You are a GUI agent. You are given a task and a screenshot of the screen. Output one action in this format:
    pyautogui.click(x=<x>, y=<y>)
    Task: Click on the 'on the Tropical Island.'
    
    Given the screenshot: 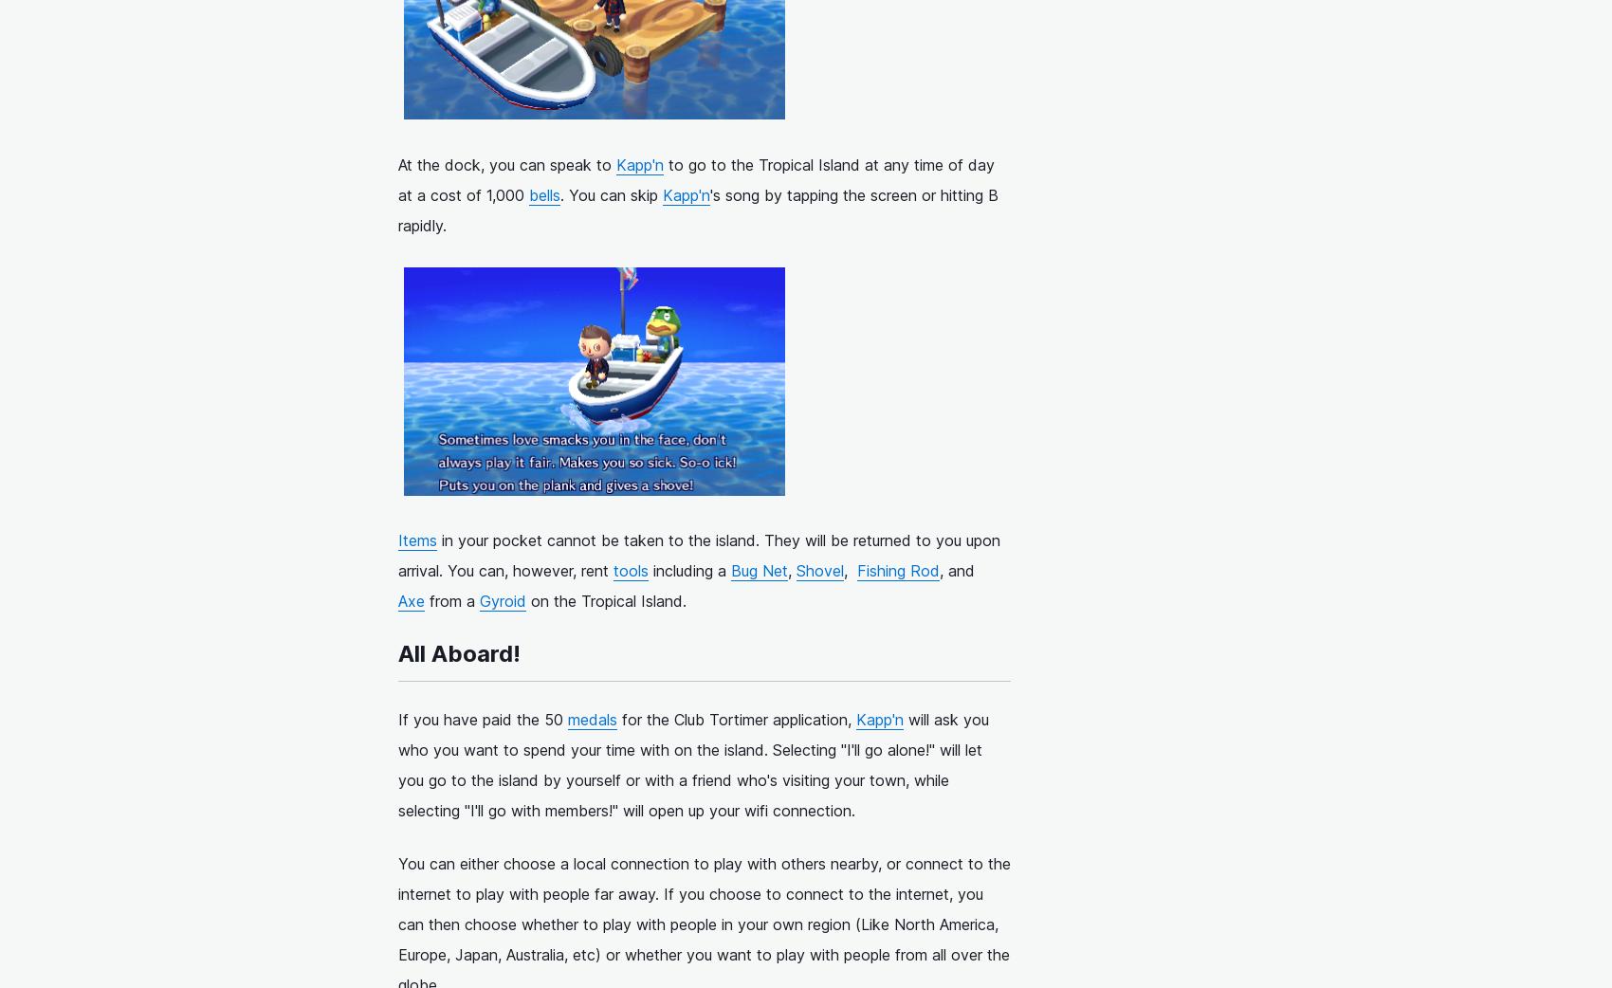 What is the action you would take?
    pyautogui.click(x=525, y=600)
    